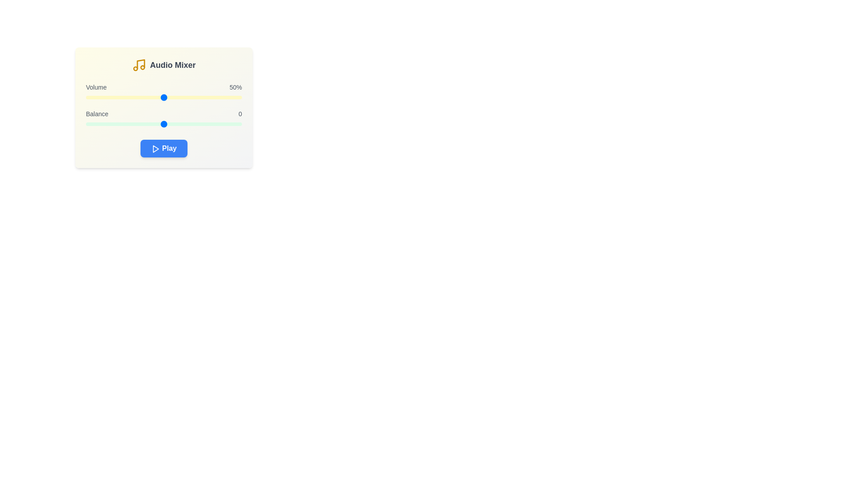 Image resolution: width=851 pixels, height=479 pixels. I want to click on the volume slider located below the text 'Volume50%' and above the 'Balance' slider to receive tooltip feedback, so click(164, 92).